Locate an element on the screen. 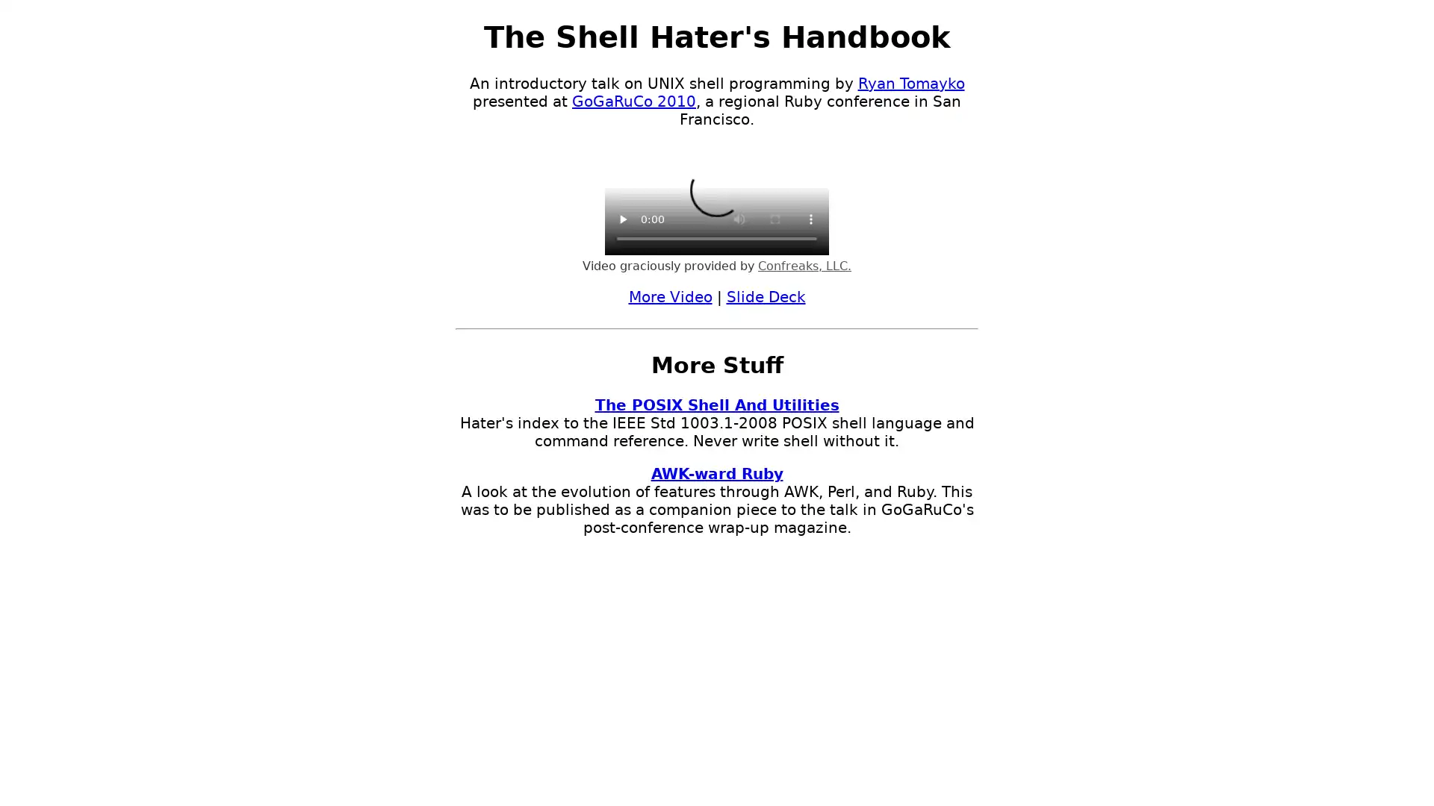  mute is located at coordinates (739, 219).